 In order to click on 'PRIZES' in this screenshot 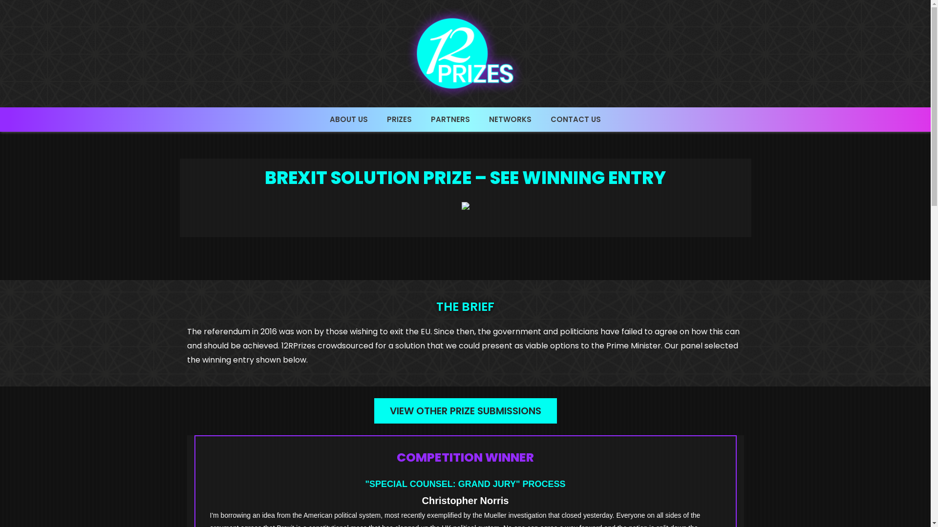, I will do `click(386, 119)`.